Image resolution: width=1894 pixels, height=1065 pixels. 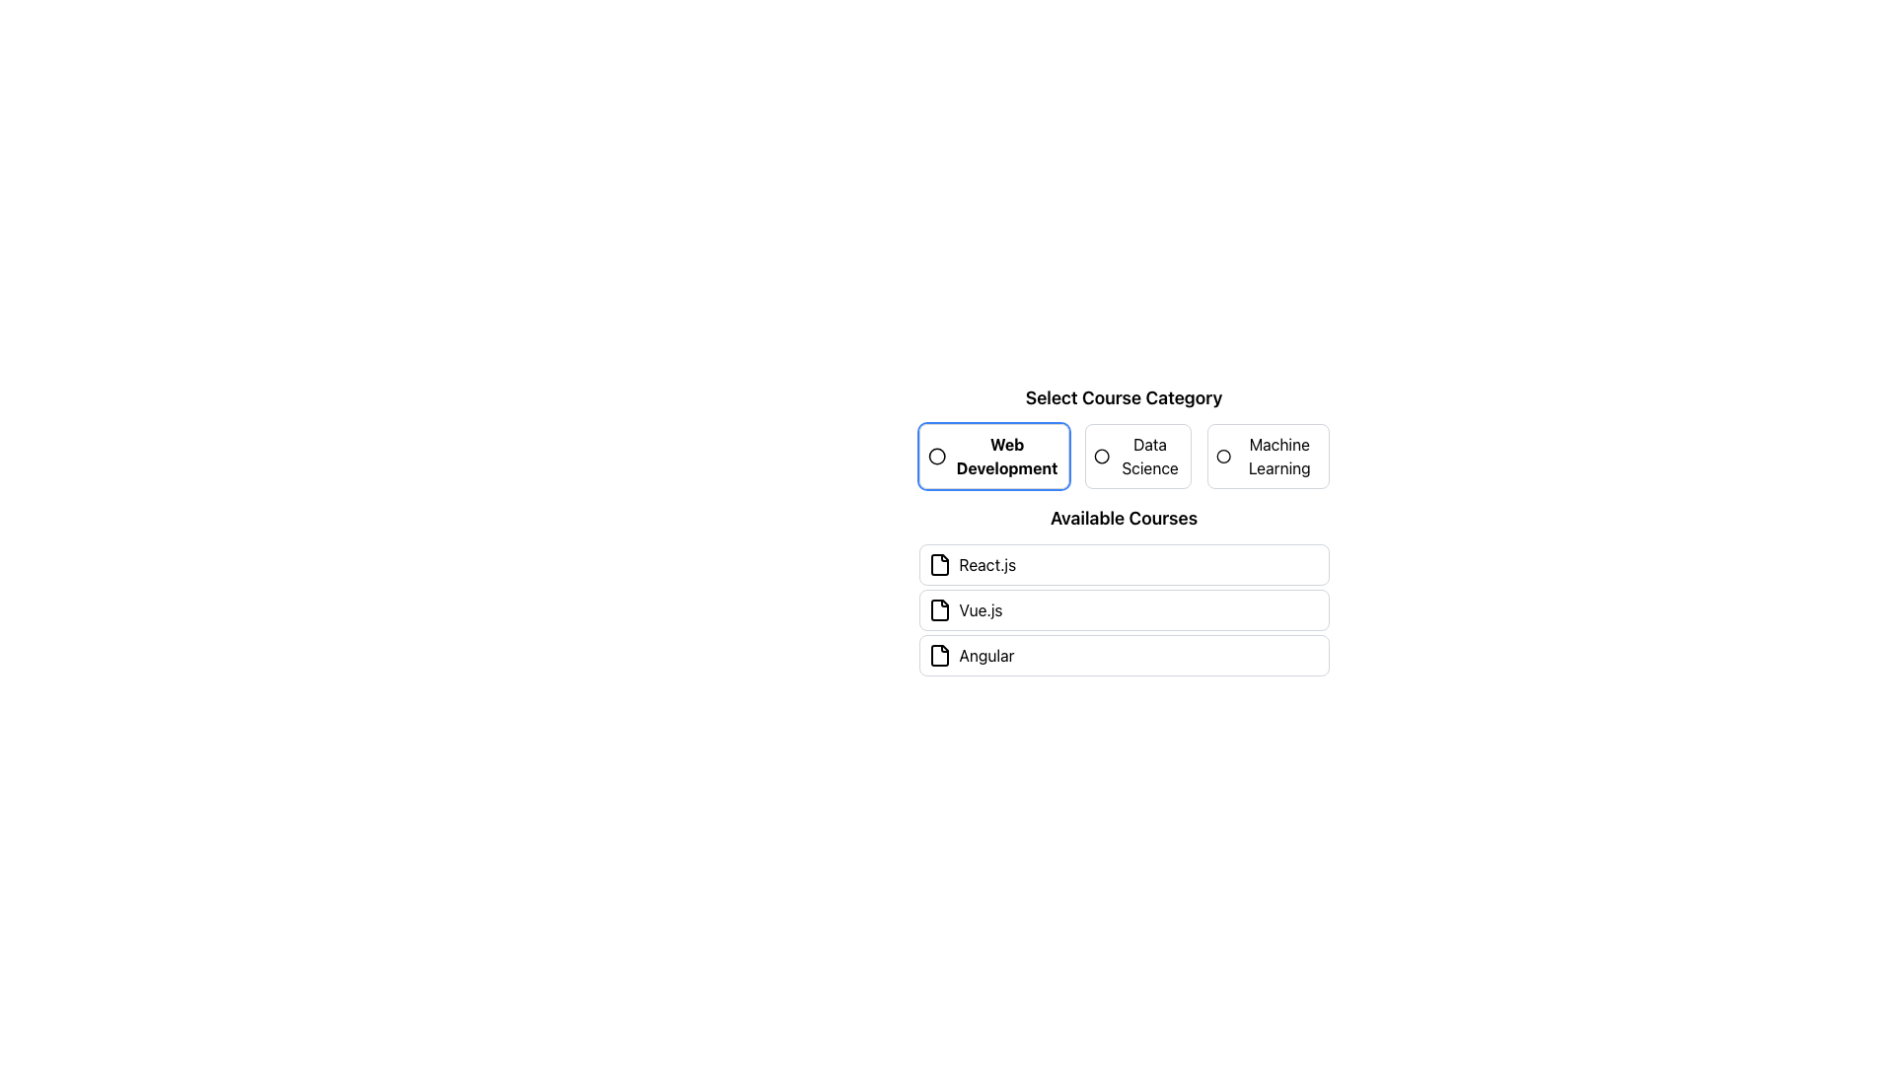 I want to click on the selectable course text label titled 'Vue.js' located in the interactive course box, positioned between 'React.js' and 'Angular' under the 'Available Courses' heading, so click(x=981, y=608).